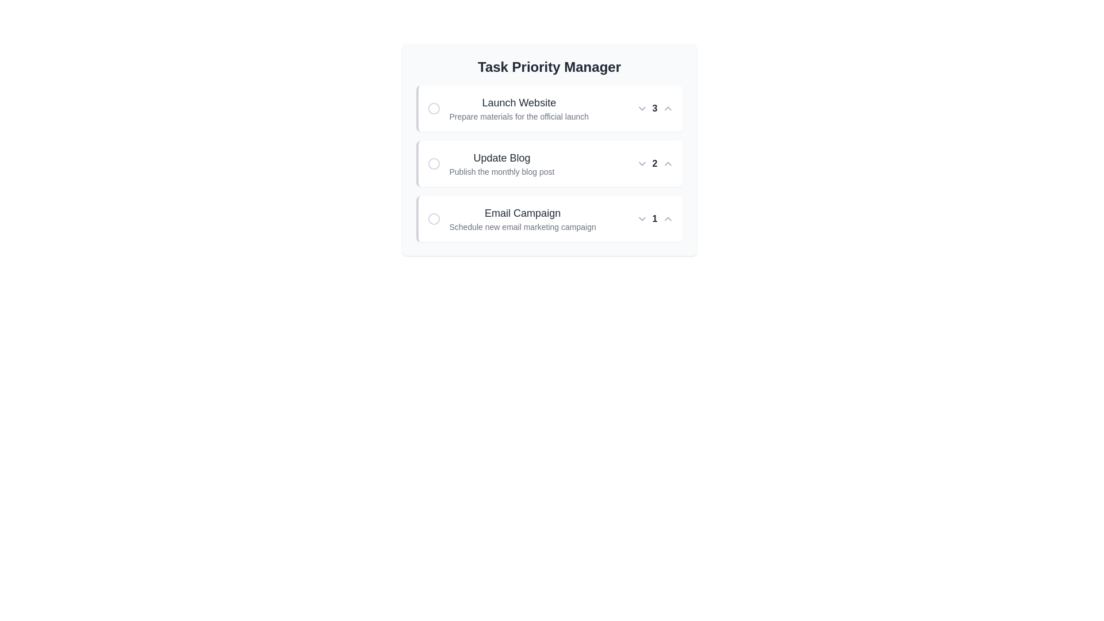 This screenshot has height=621, width=1104. Describe the element at coordinates (518, 102) in the screenshot. I see `the 'Launch Website' text label component, which serves as the title for the first task item in the 'Task Priority Manager' list` at that location.